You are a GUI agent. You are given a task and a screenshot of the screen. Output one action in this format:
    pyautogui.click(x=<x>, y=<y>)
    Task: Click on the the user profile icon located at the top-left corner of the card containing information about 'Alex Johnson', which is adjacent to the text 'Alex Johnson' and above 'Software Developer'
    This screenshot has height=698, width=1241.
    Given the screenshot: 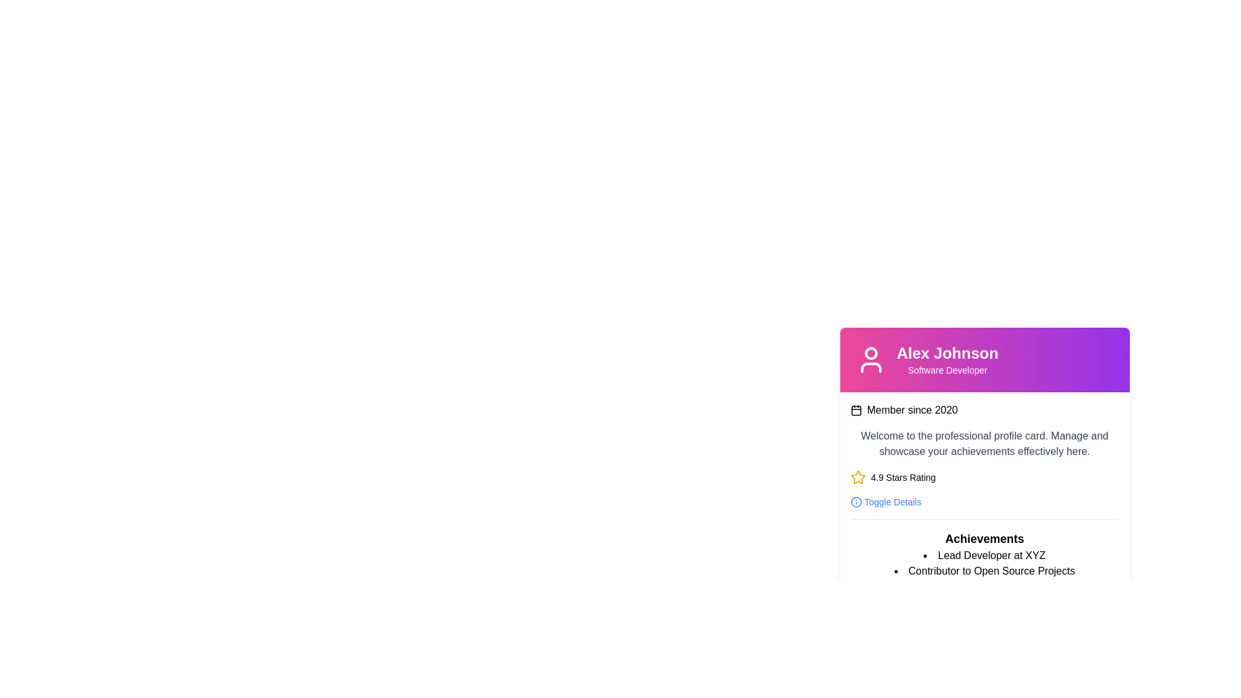 What is the action you would take?
    pyautogui.click(x=871, y=359)
    